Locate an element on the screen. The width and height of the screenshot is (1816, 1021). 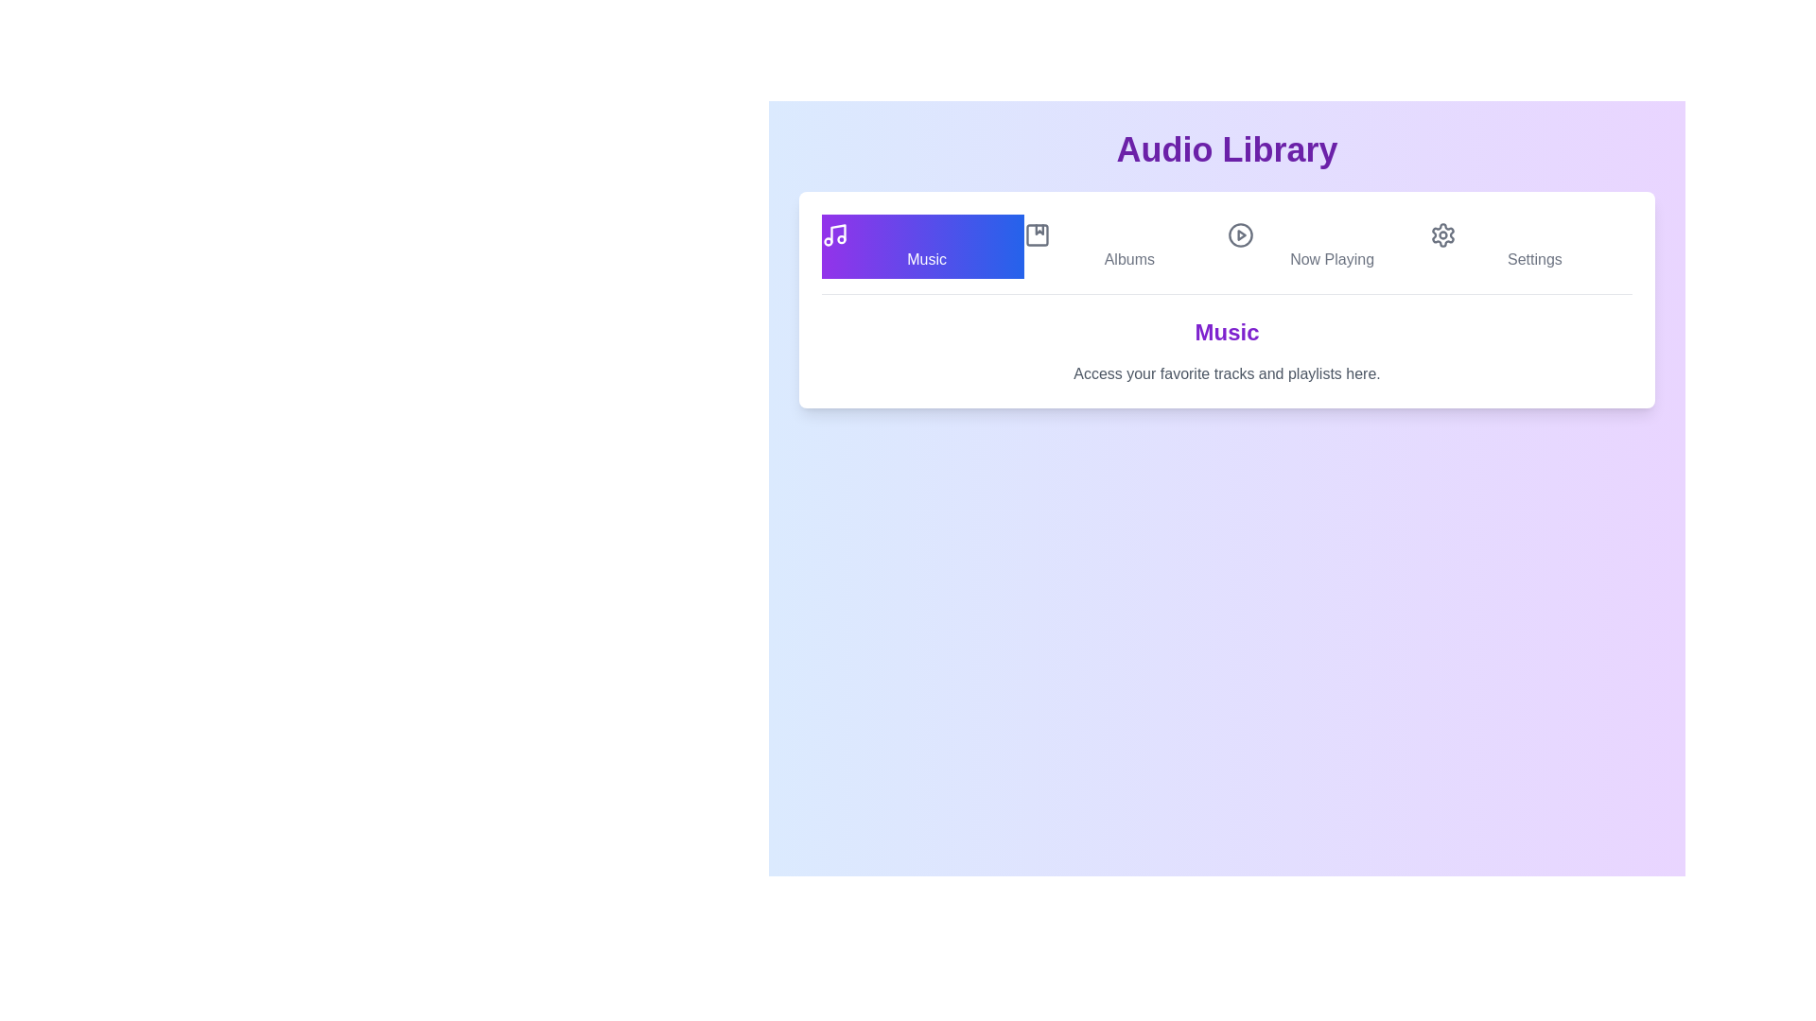
the Navigation Tab located in the horizontal navigation bar, which is the second clickable option is located at coordinates (1126, 246).